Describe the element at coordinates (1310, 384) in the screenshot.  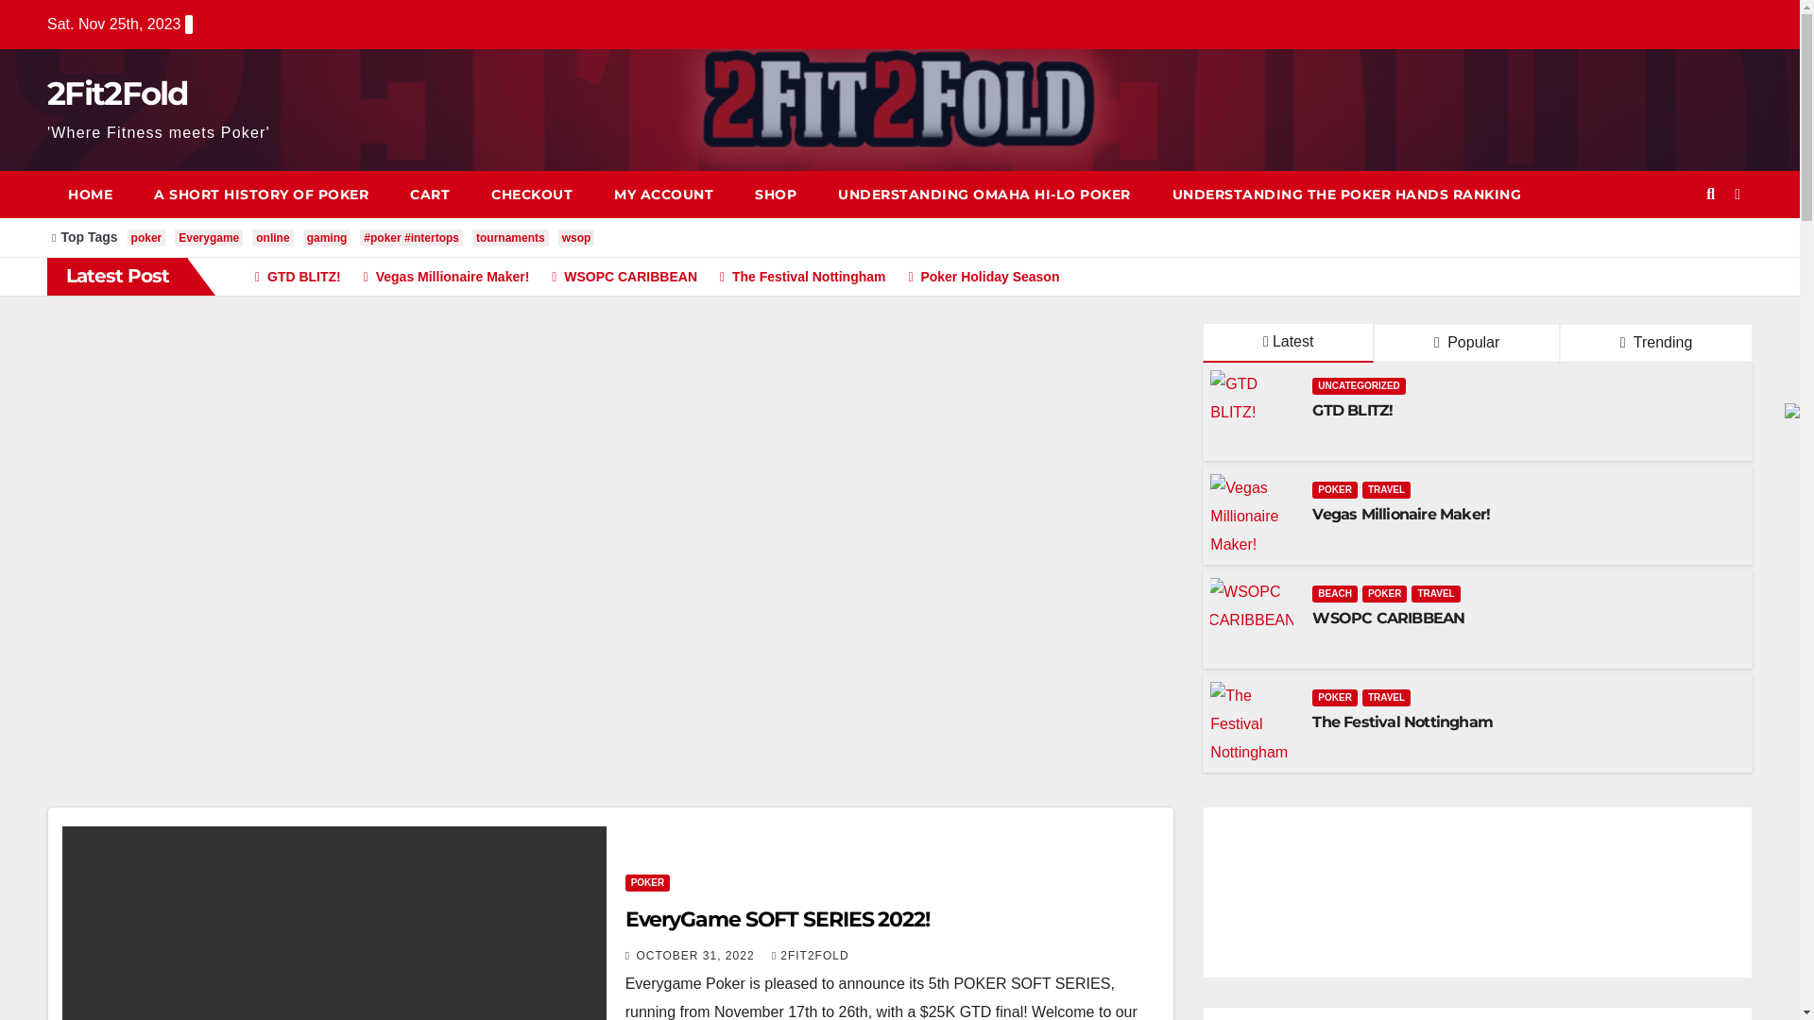
I see `'UNCATEGORIZED'` at that location.